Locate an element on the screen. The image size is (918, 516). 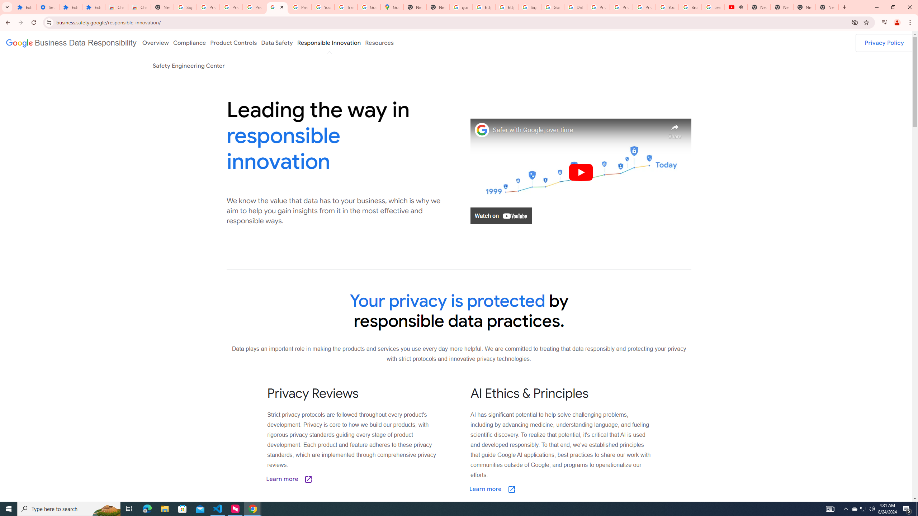
'Mute tab' is located at coordinates (740, 7).